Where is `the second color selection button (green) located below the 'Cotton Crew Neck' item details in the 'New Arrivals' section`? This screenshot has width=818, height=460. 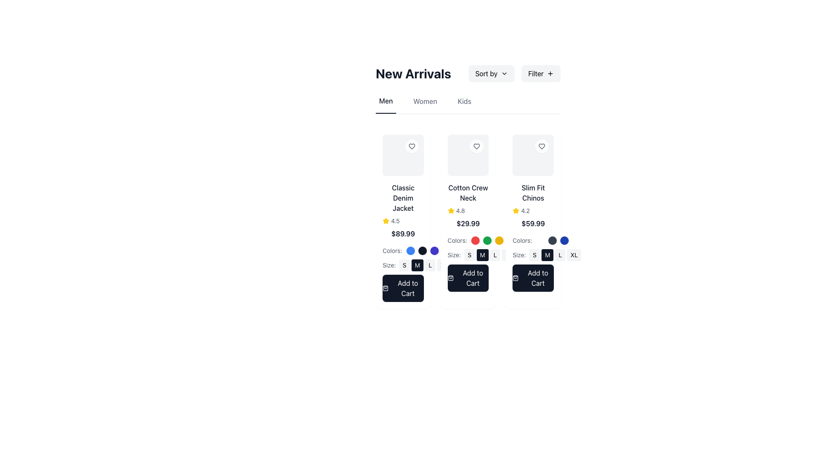 the second color selection button (green) located below the 'Cotton Crew Neck' item details in the 'New Arrivals' section is located at coordinates (487, 240).